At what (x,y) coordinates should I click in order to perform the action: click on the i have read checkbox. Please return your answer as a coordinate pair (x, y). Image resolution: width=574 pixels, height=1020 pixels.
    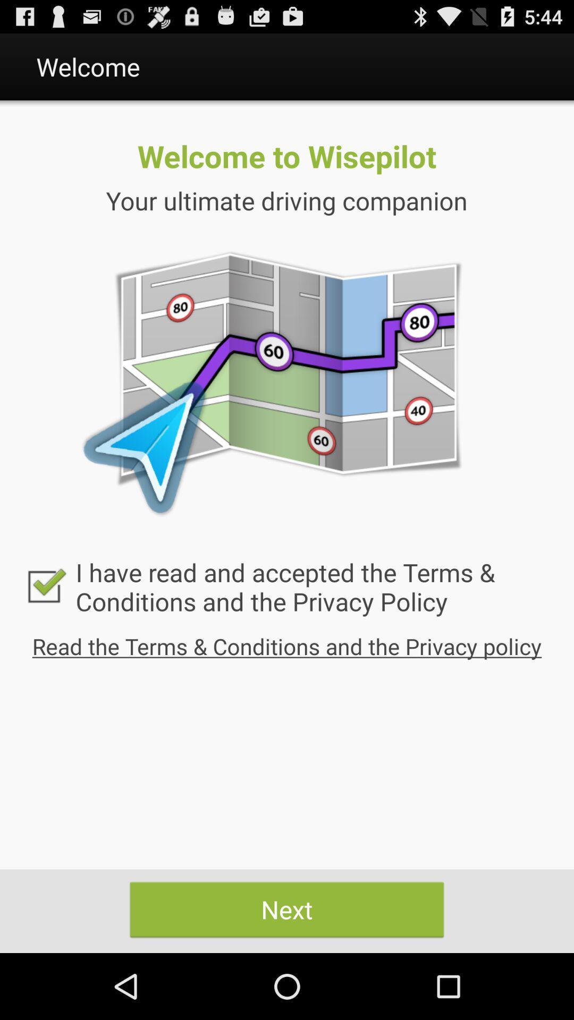
    Looking at the image, I should click on (287, 586).